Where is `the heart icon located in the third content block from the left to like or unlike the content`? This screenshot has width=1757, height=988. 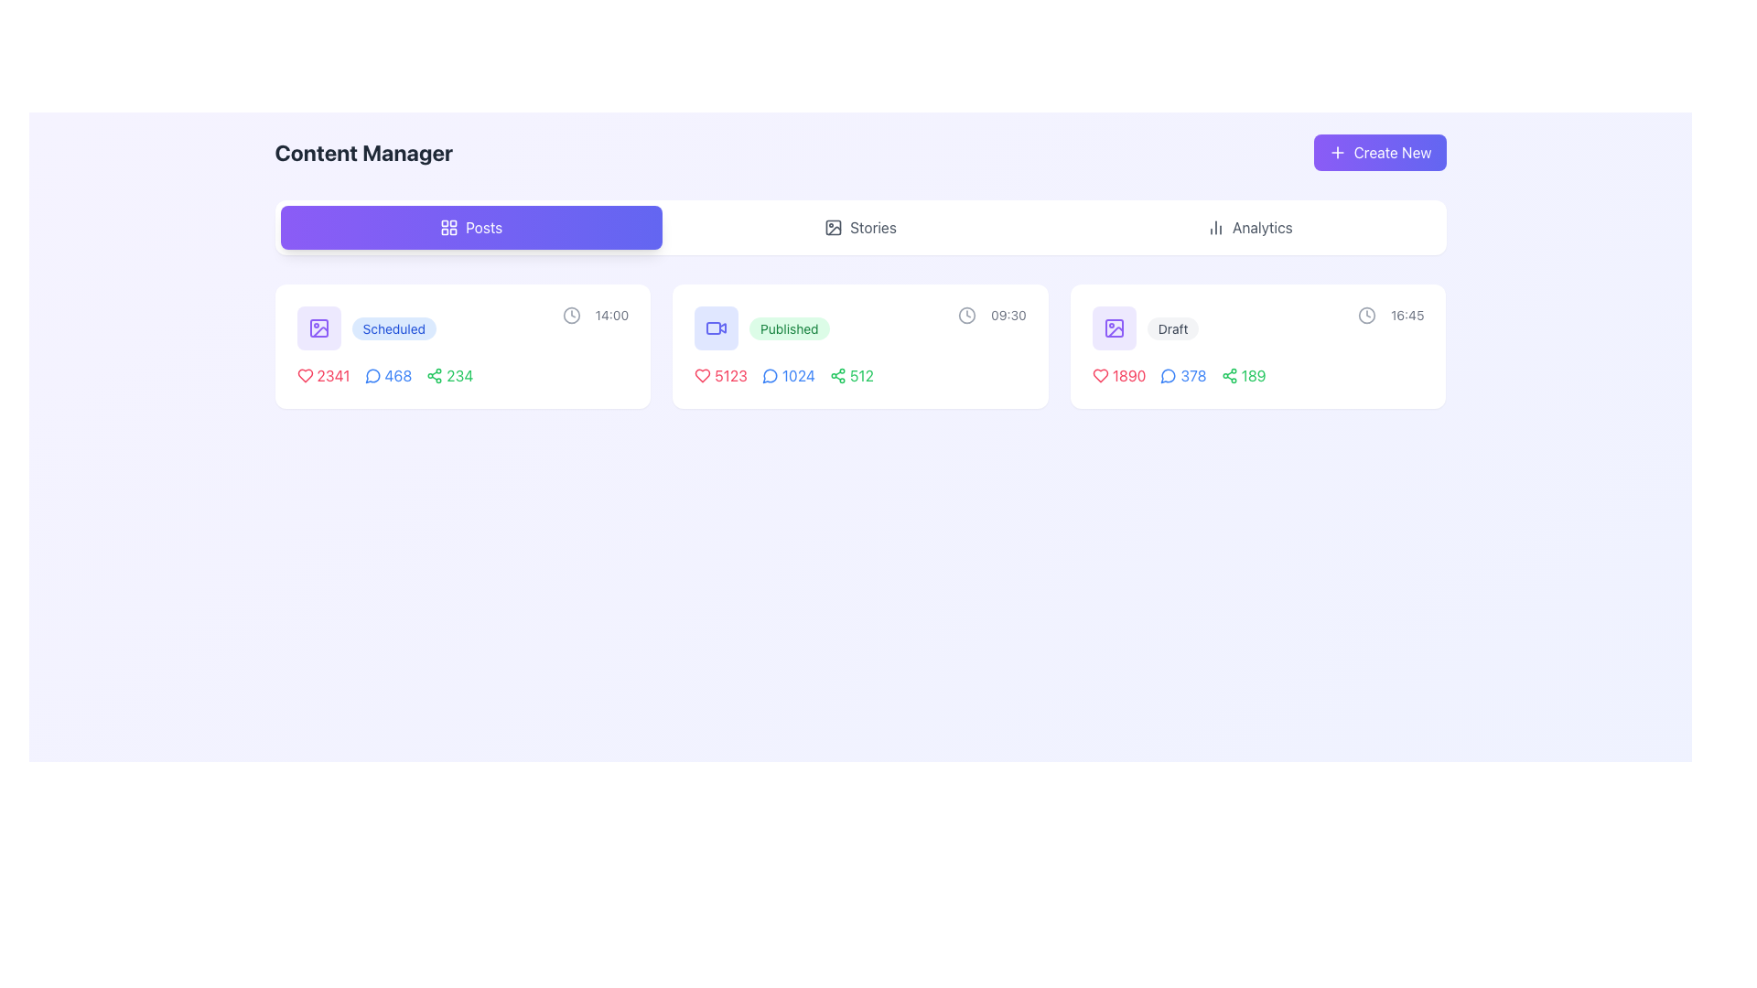
the heart icon located in the third content block from the left to like or unlike the content is located at coordinates (1099, 375).